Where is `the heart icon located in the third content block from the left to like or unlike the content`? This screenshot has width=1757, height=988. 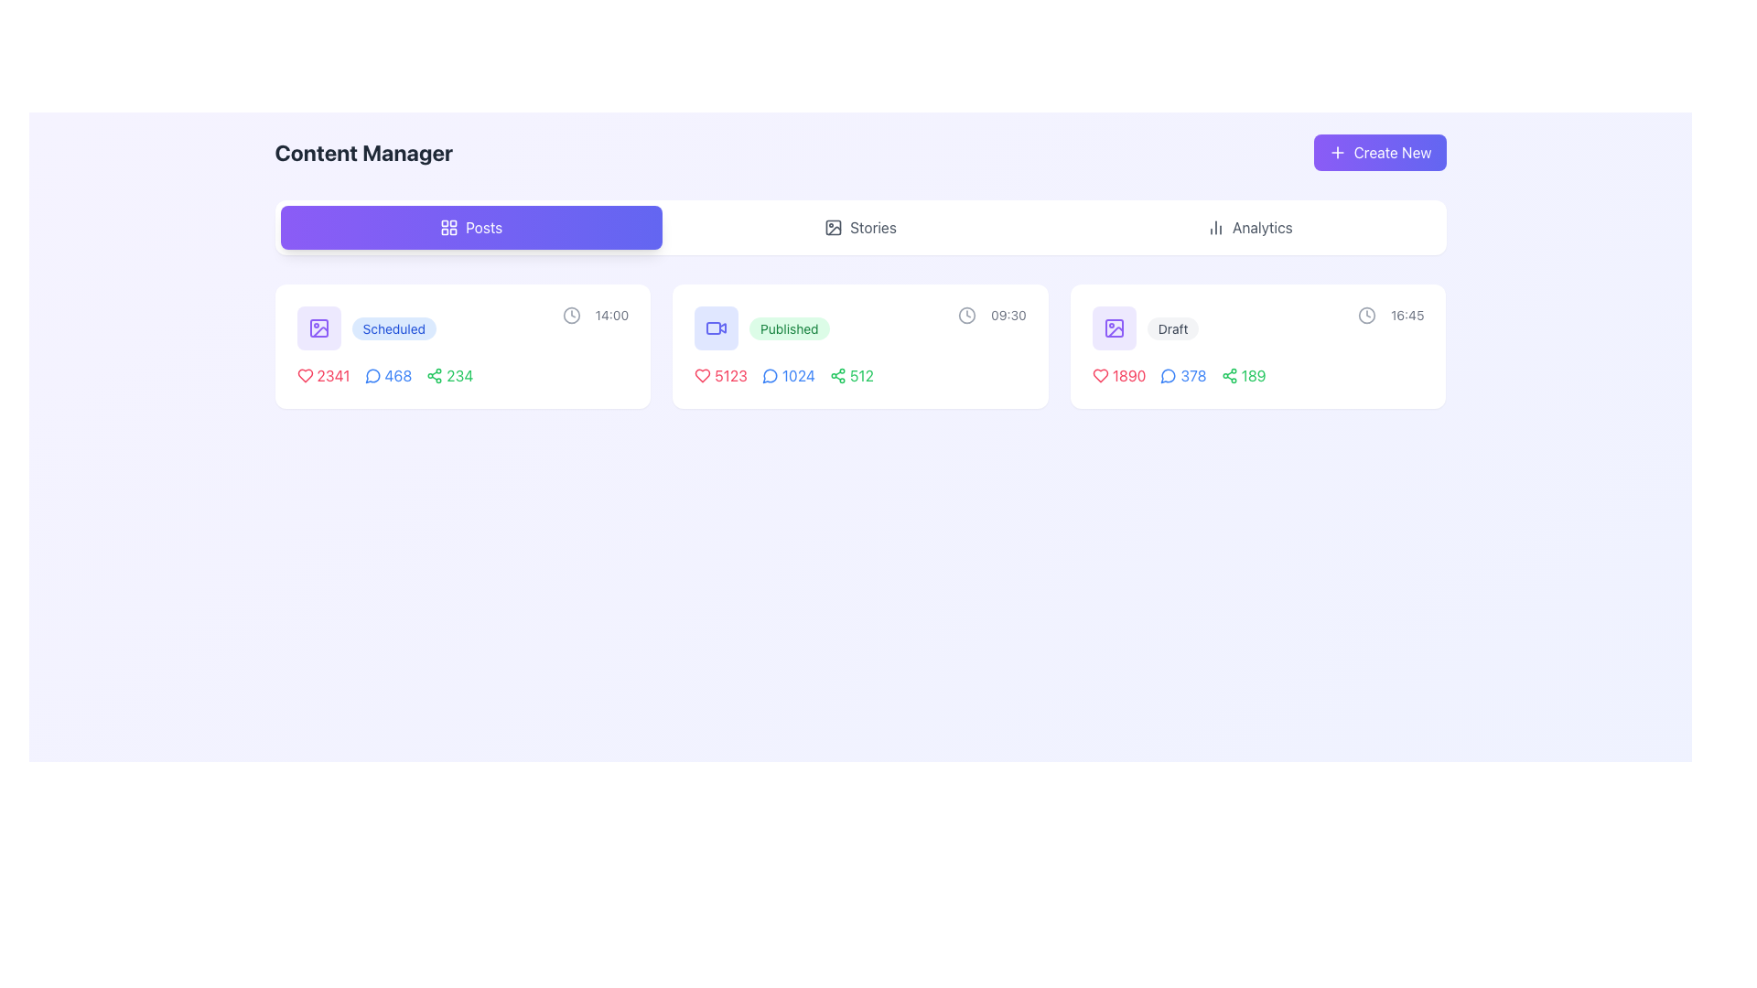
the heart icon located in the third content block from the left to like or unlike the content is located at coordinates (1099, 375).